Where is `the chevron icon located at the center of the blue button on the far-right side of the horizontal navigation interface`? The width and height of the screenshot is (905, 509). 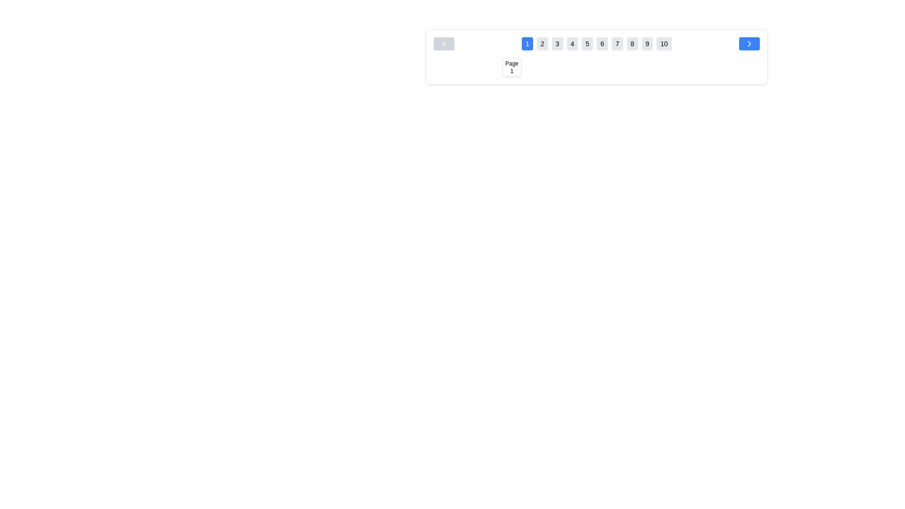 the chevron icon located at the center of the blue button on the far-right side of the horizontal navigation interface is located at coordinates (749, 43).